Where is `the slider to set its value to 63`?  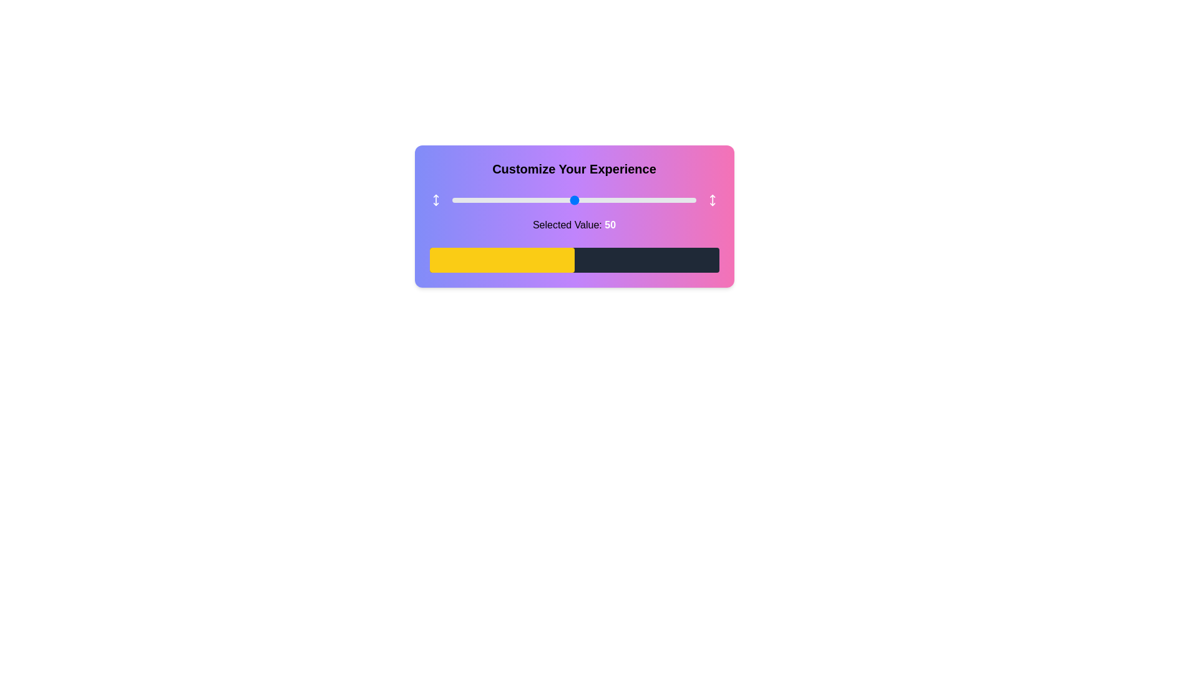 the slider to set its value to 63 is located at coordinates (606, 199).